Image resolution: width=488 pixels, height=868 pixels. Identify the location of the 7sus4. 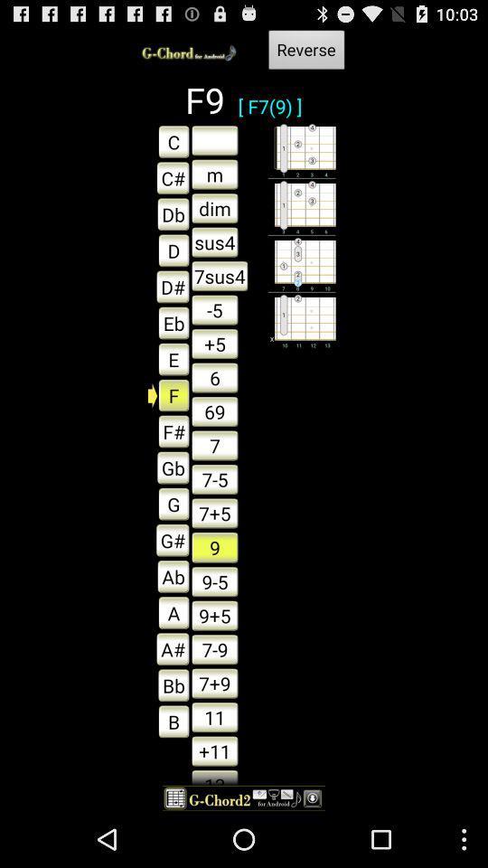
(220, 276).